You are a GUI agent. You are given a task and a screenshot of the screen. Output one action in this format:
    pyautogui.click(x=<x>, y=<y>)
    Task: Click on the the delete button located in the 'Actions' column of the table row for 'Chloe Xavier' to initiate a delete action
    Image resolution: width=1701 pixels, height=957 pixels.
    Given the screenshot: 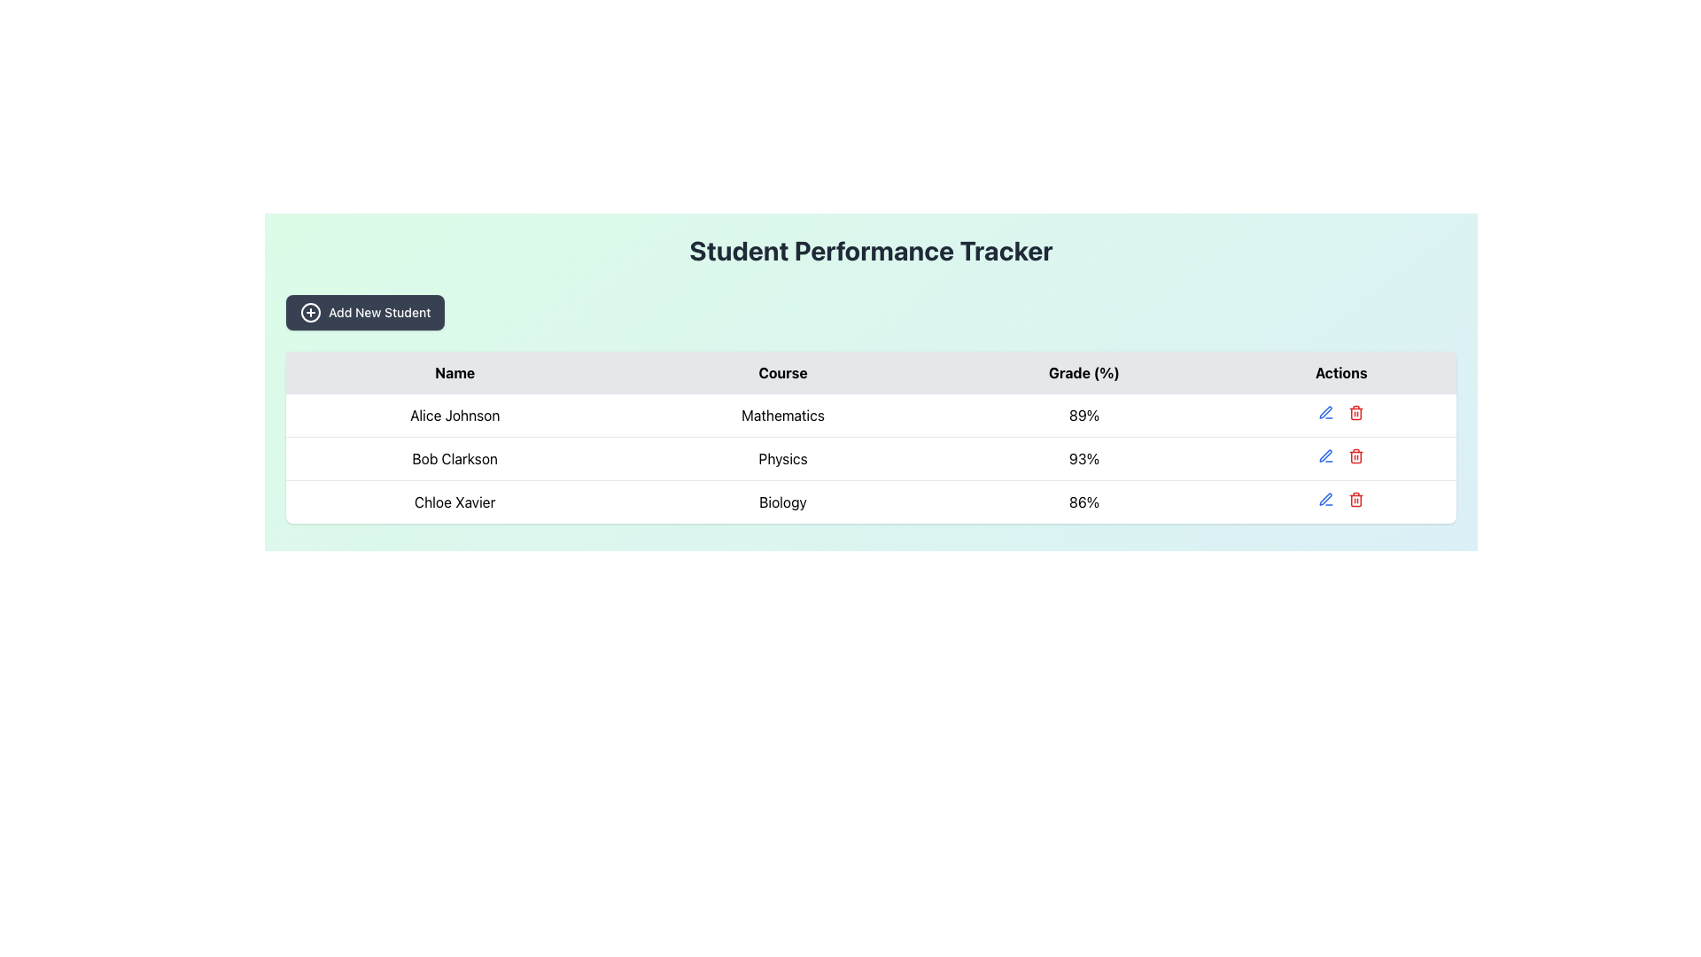 What is the action you would take?
    pyautogui.click(x=1355, y=499)
    